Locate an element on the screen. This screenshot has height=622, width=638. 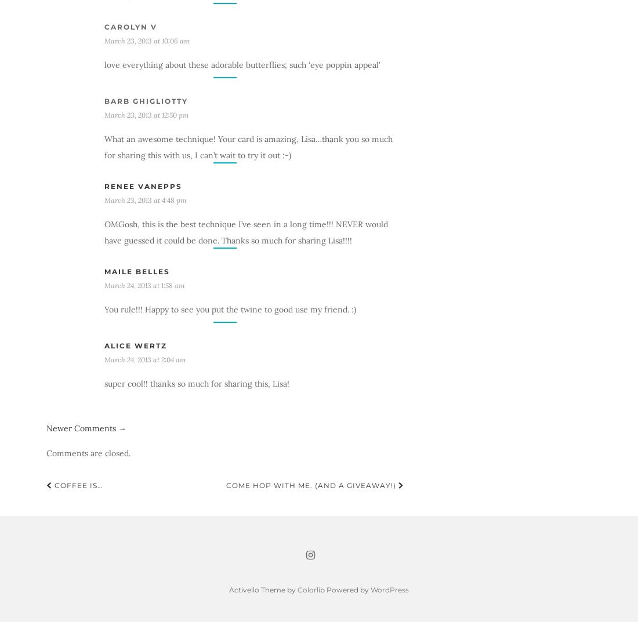
'Renee VanEpps' is located at coordinates (143, 185).